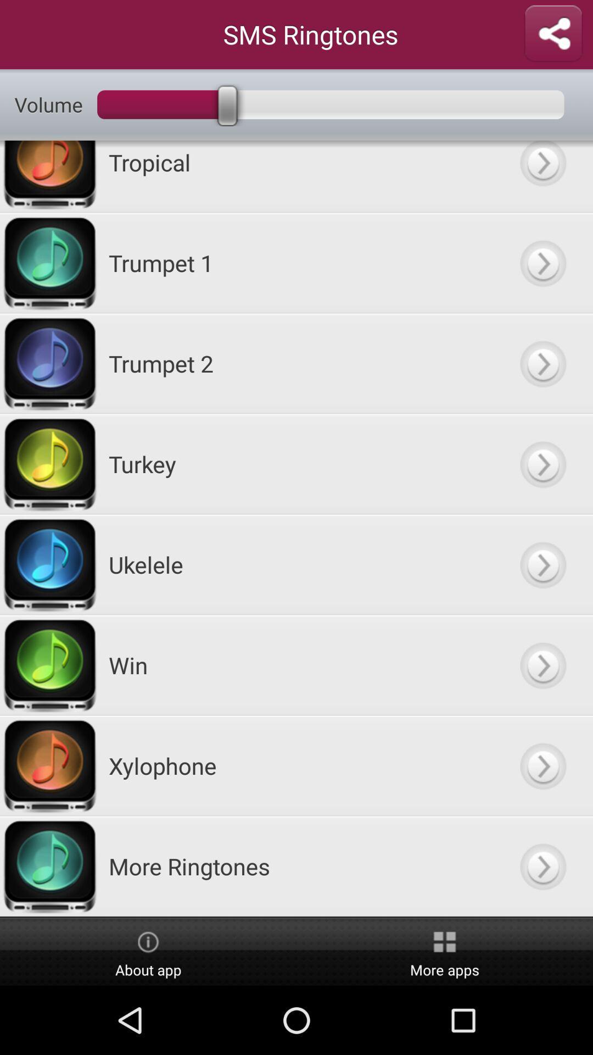 Image resolution: width=593 pixels, height=1055 pixels. Describe the element at coordinates (542, 765) in the screenshot. I see `next button` at that location.